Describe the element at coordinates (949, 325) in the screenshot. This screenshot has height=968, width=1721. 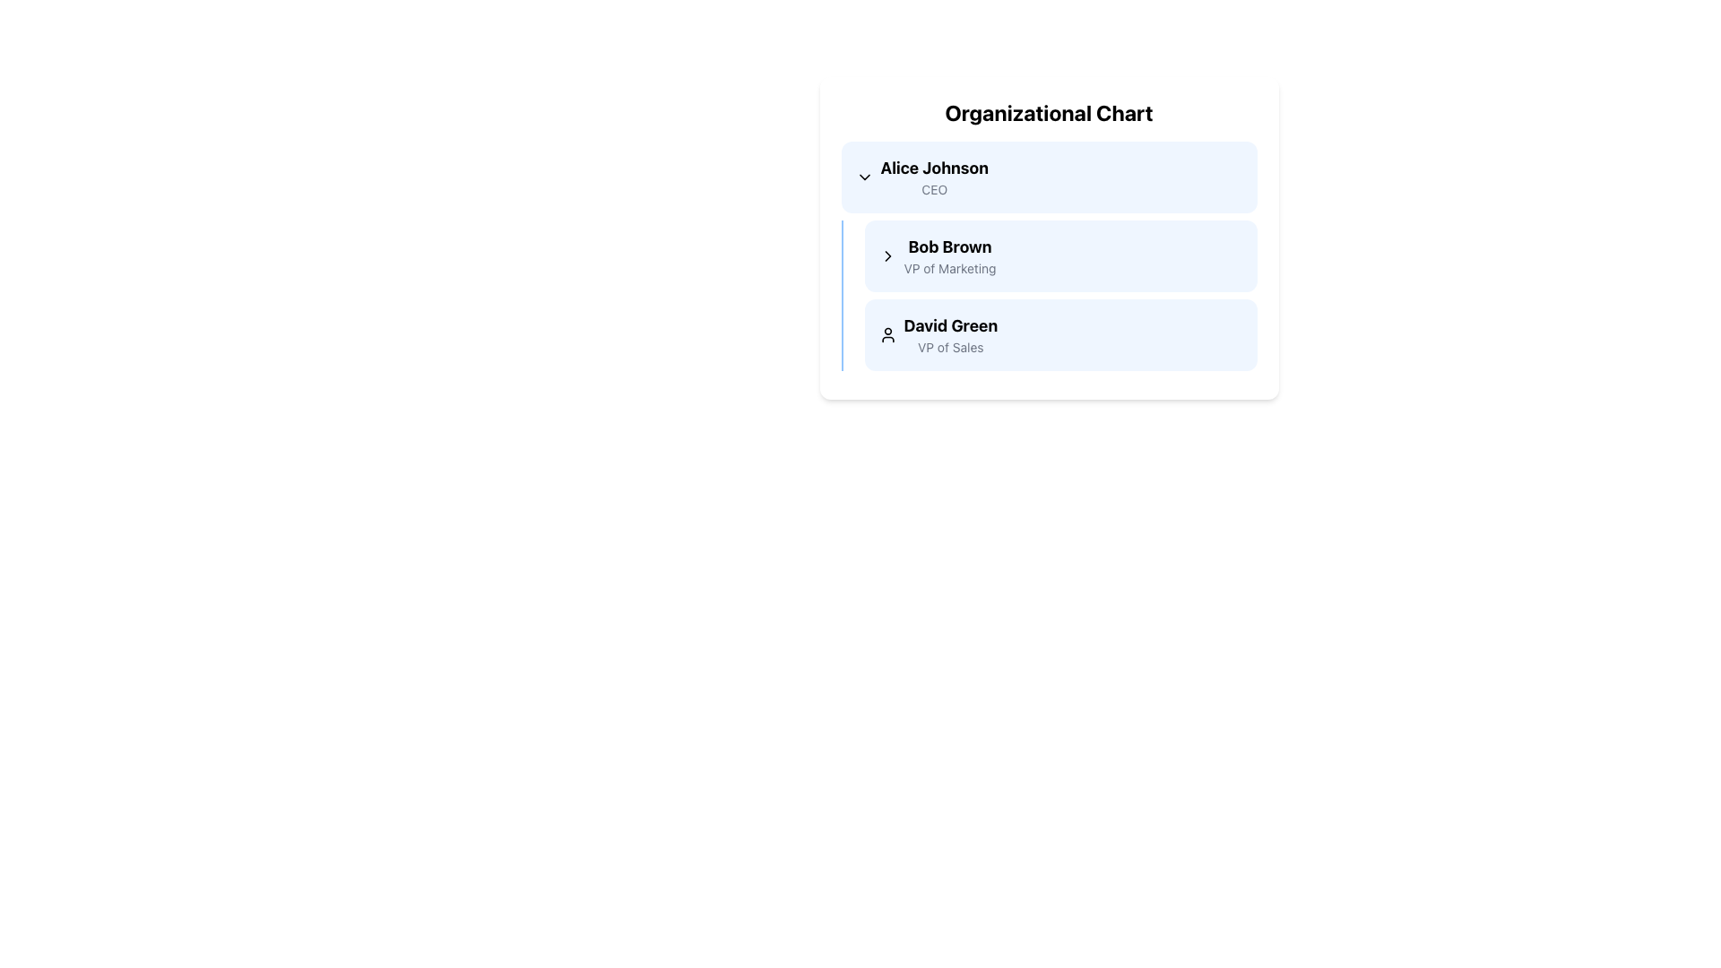
I see `the bold text label displaying the name 'David Green' in the organizational chart` at that location.